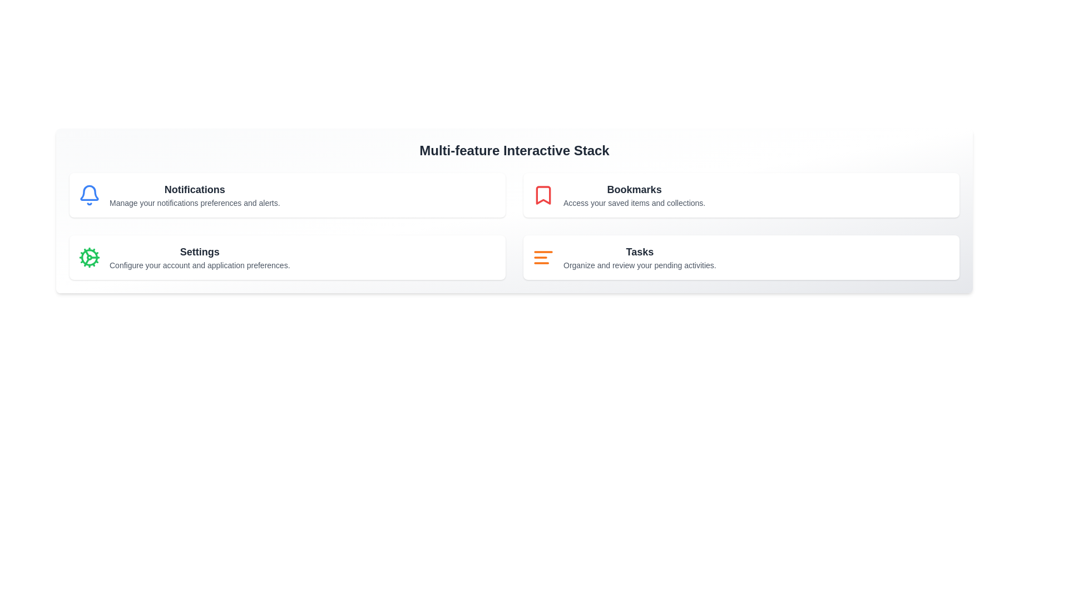 The width and height of the screenshot is (1068, 601). I want to click on the static text block labeled 'Notifications', which includes descriptive text about managing notification preferences and alerts, located in the top-left section of the layout, so click(195, 195).